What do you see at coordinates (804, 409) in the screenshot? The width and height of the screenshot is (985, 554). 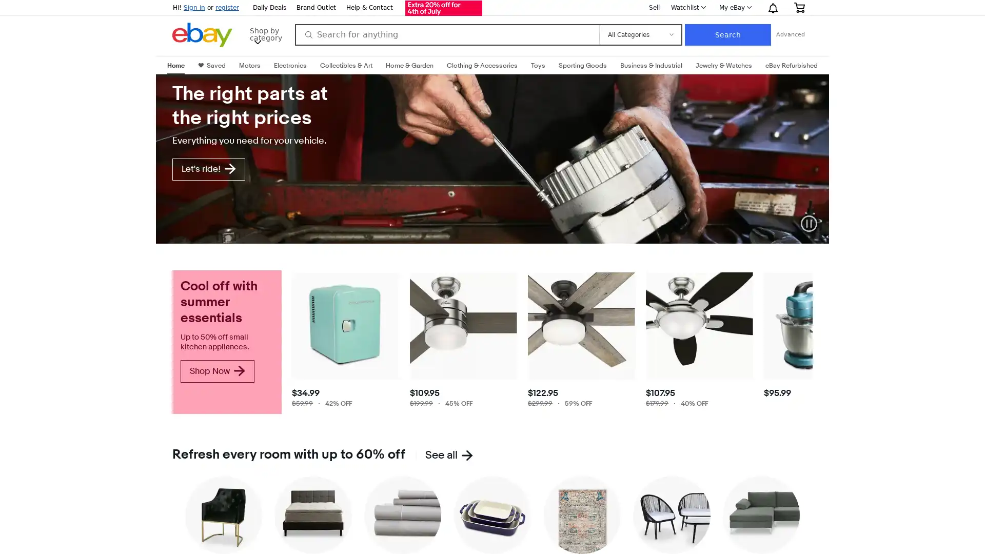 I see `Go to next slide - Cool off with summer essentials` at bounding box center [804, 409].